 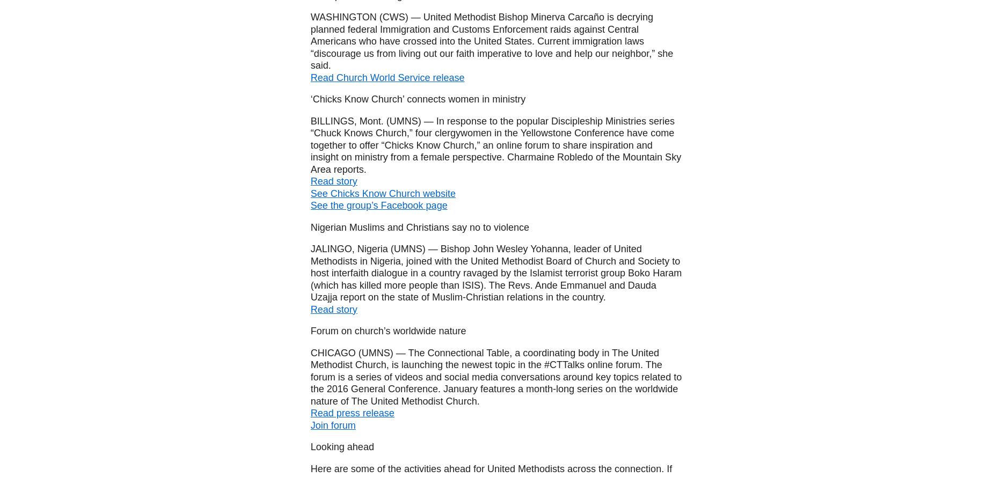 What do you see at coordinates (382, 192) in the screenshot?
I see `'See Chicks Know Church website'` at bounding box center [382, 192].